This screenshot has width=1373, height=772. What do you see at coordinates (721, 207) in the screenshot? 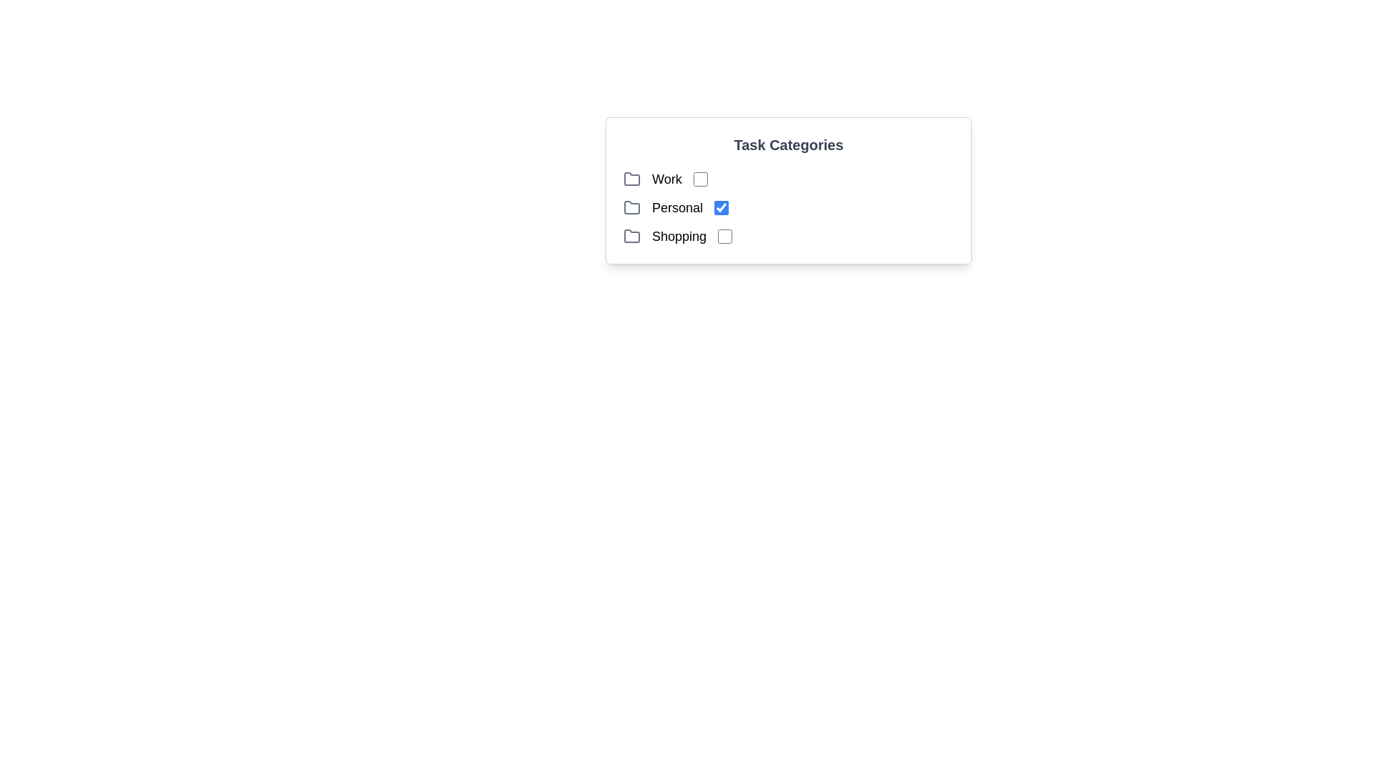
I see `the 'Personal' category checkbox` at bounding box center [721, 207].